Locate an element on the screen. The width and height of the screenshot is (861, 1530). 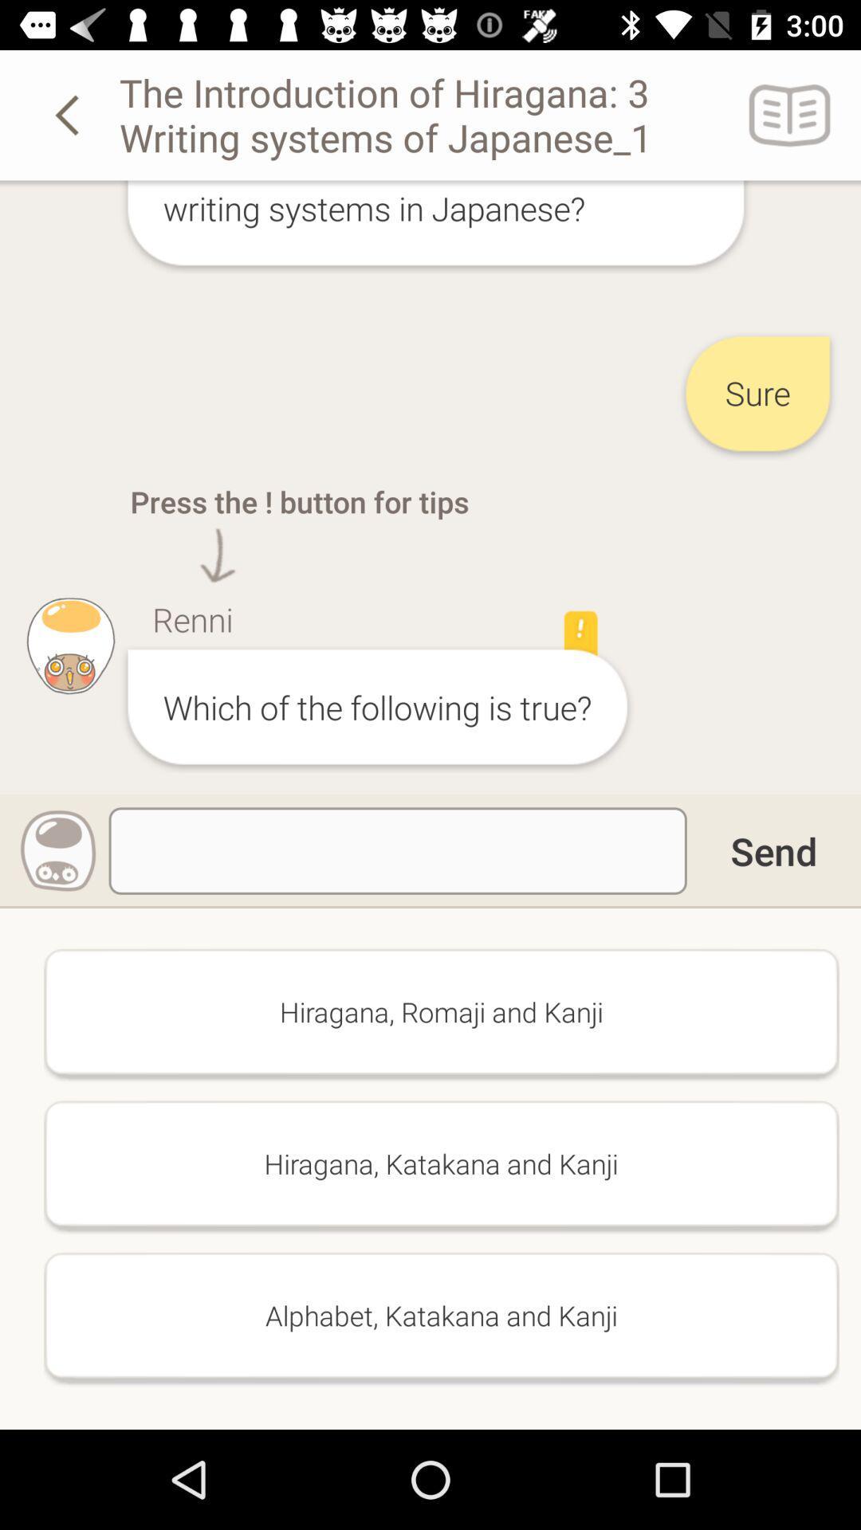
the book icon is located at coordinates (790, 114).